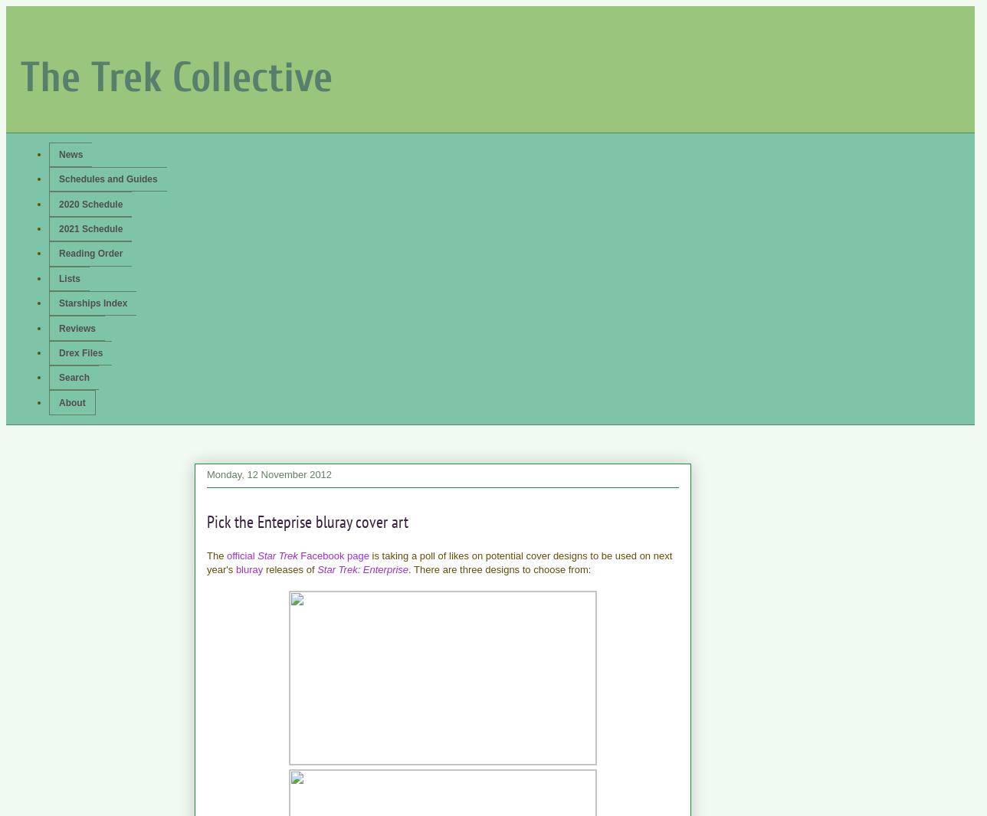  I want to click on 'releases of', so click(290, 569).